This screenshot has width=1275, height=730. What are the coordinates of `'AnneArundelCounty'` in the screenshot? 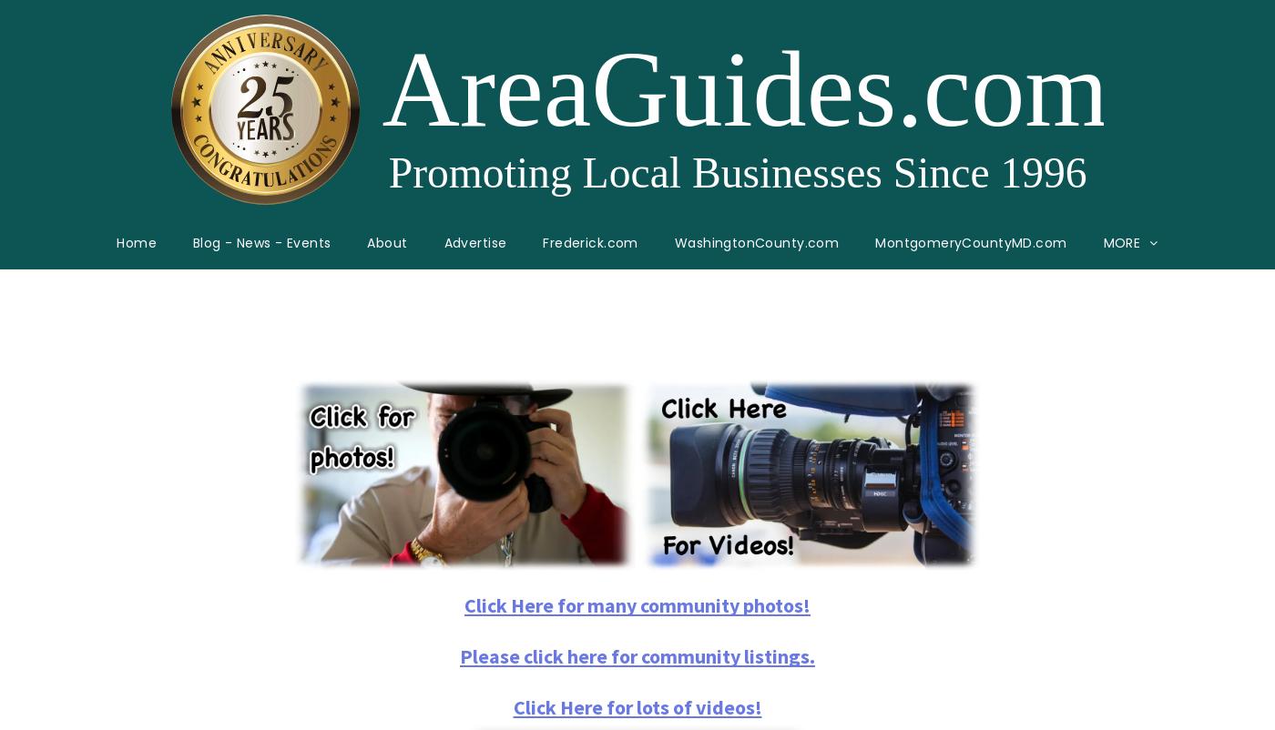 It's located at (861, 416).